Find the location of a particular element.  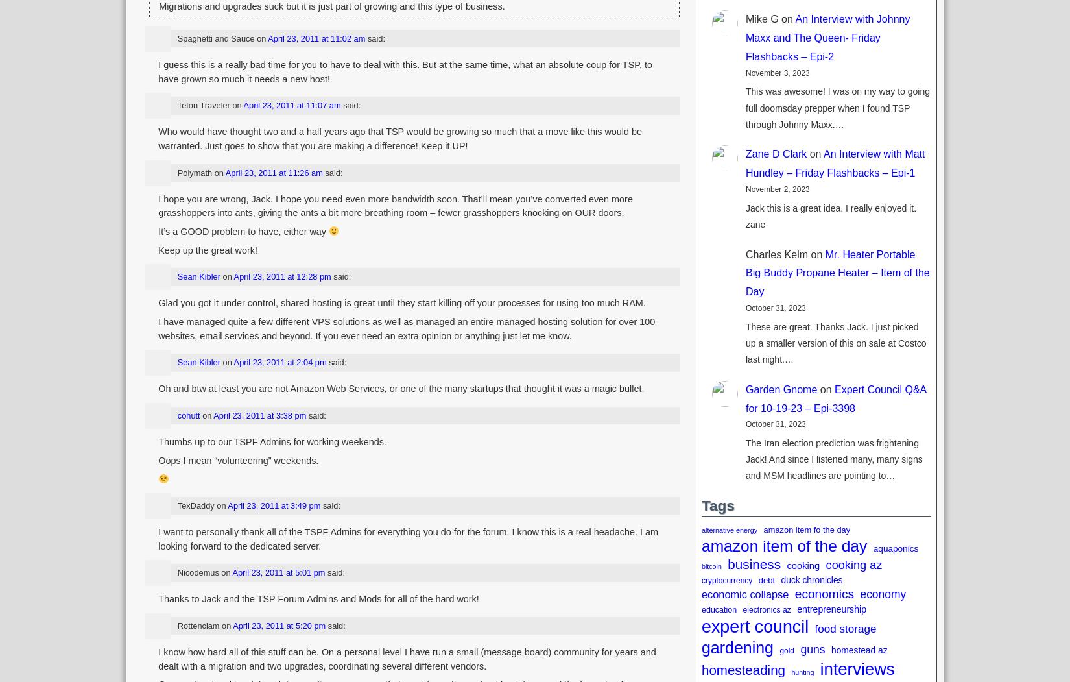

'April 23, 2011 at 12:28 pm' is located at coordinates (281, 276).